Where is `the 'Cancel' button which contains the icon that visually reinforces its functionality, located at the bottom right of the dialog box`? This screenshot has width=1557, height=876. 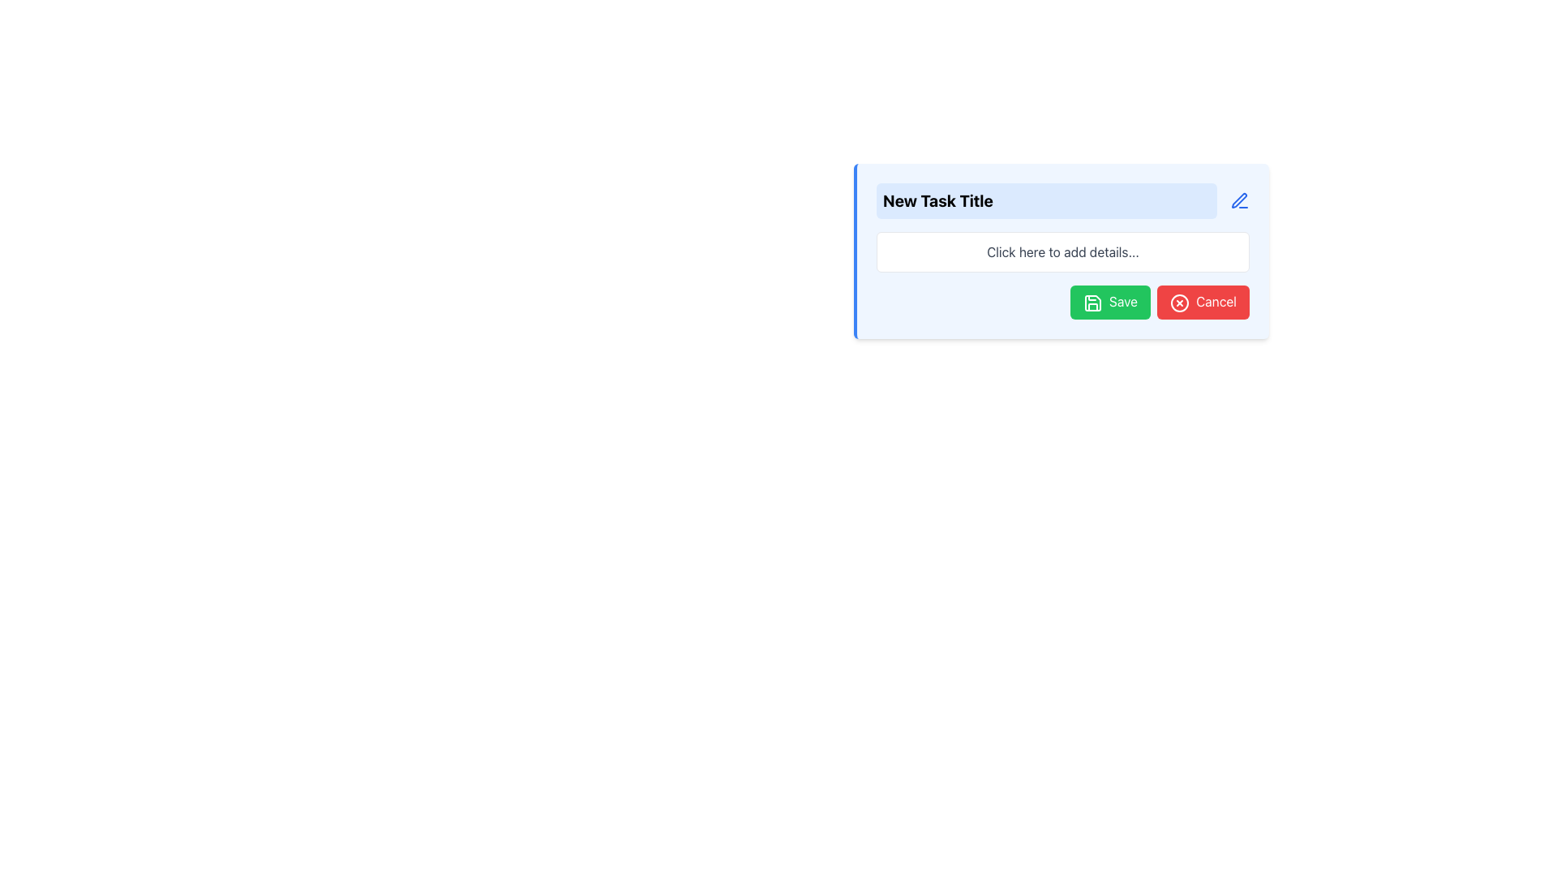 the 'Cancel' button which contains the icon that visually reinforces its functionality, located at the bottom right of the dialog box is located at coordinates (1179, 303).